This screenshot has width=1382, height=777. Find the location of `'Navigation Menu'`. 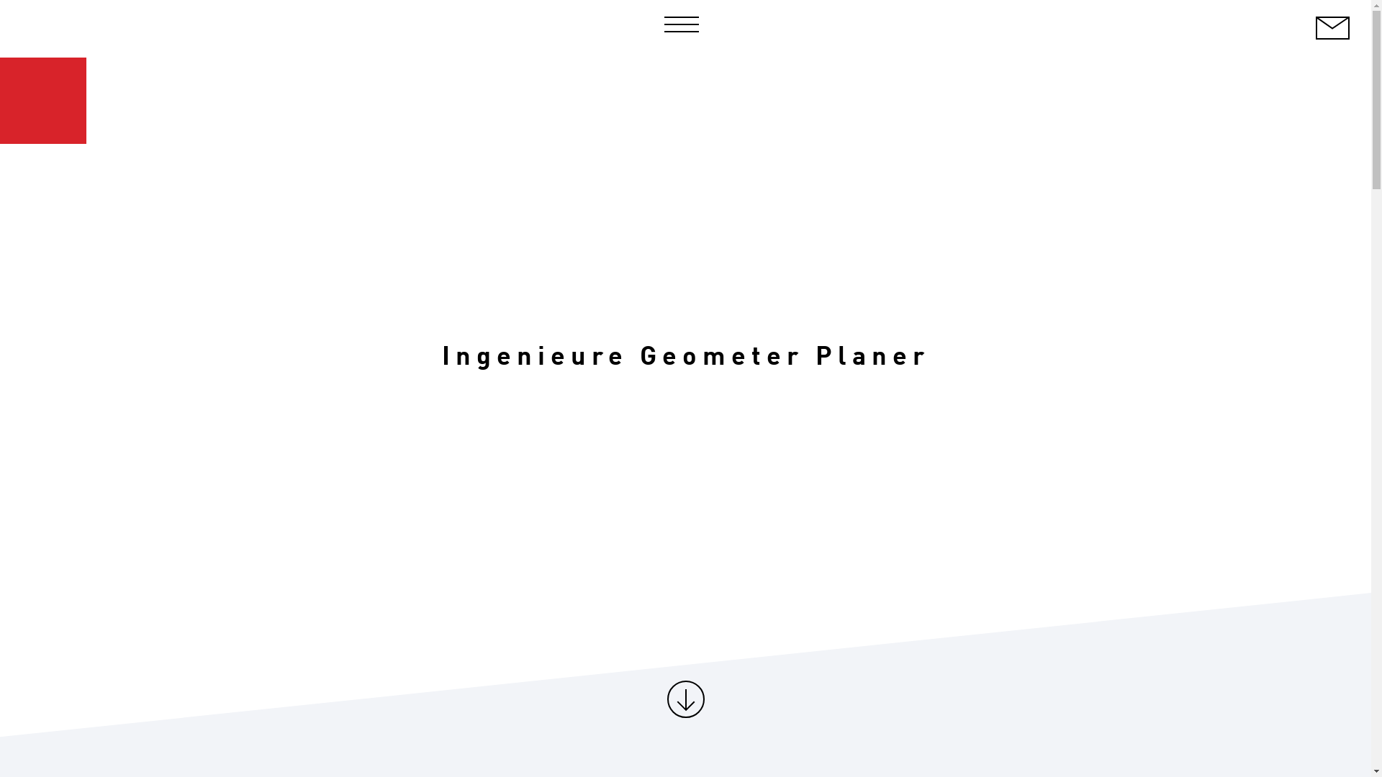

'Navigation Menu' is located at coordinates (684, 24).